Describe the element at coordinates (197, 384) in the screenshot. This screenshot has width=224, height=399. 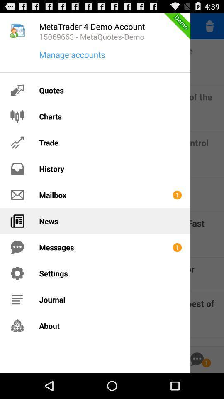
I see `the chat icon` at that location.